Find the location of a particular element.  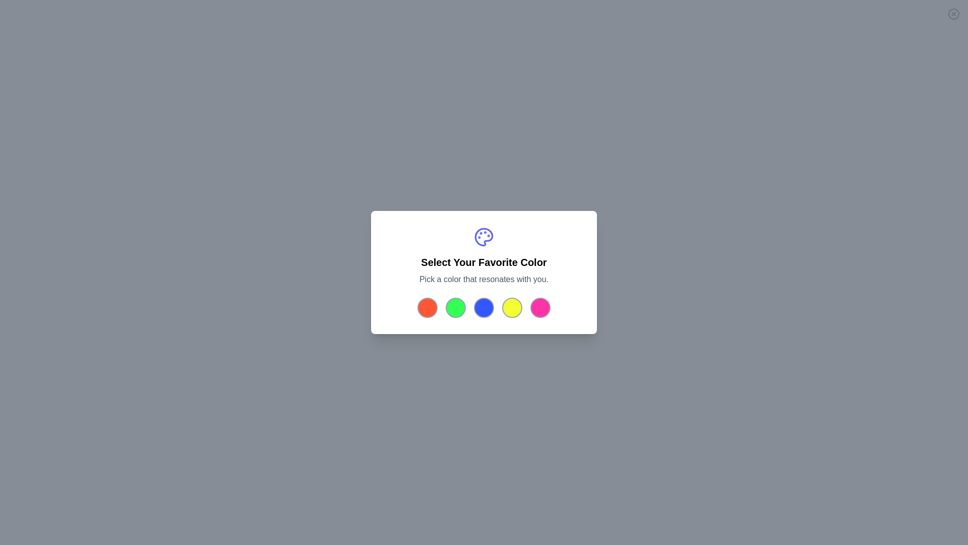

the color button corresponding to blue is located at coordinates (484, 307).